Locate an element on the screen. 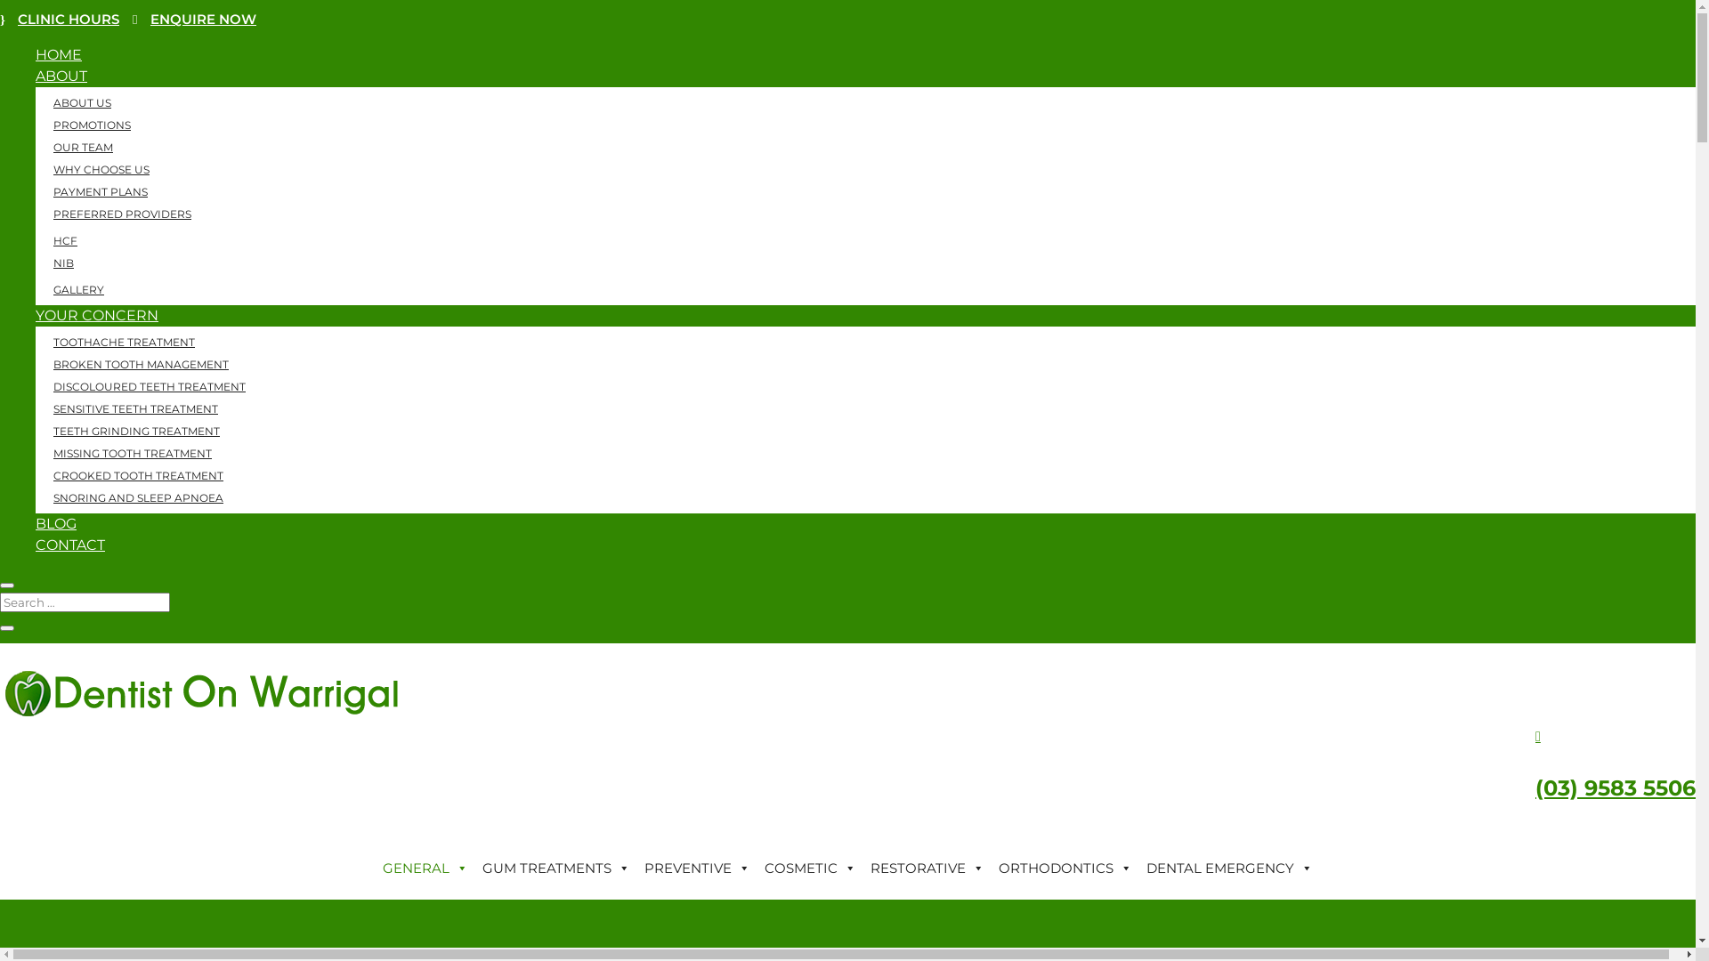 The image size is (1709, 961). 'PAYMENT PLANS' is located at coordinates (100, 191).